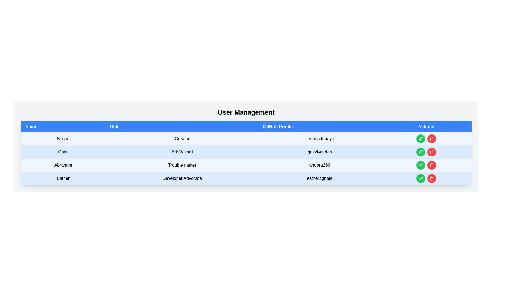  What do you see at coordinates (420, 165) in the screenshot?
I see `the circular green button with a pencil icon in the 'Actions' section for user 'Abraham'` at bounding box center [420, 165].